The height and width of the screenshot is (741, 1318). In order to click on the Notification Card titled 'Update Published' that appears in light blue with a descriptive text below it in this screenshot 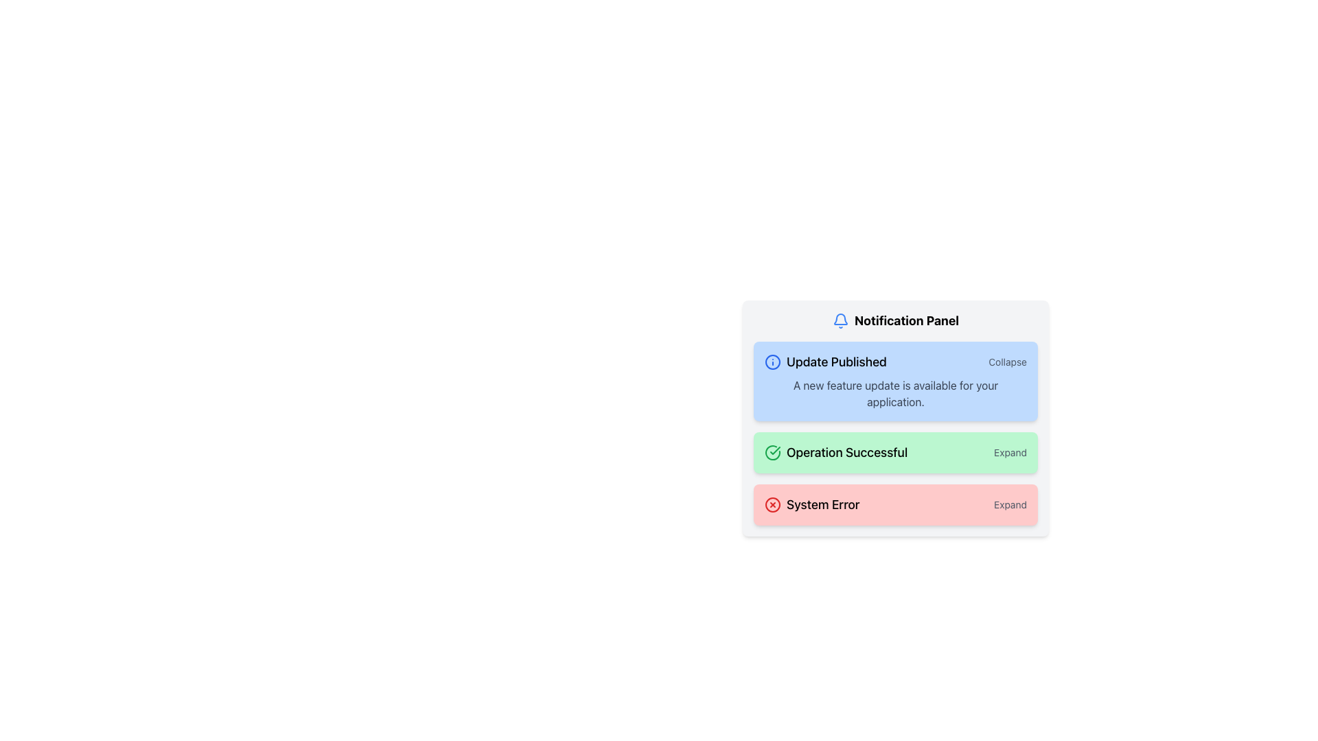, I will do `click(896, 381)`.